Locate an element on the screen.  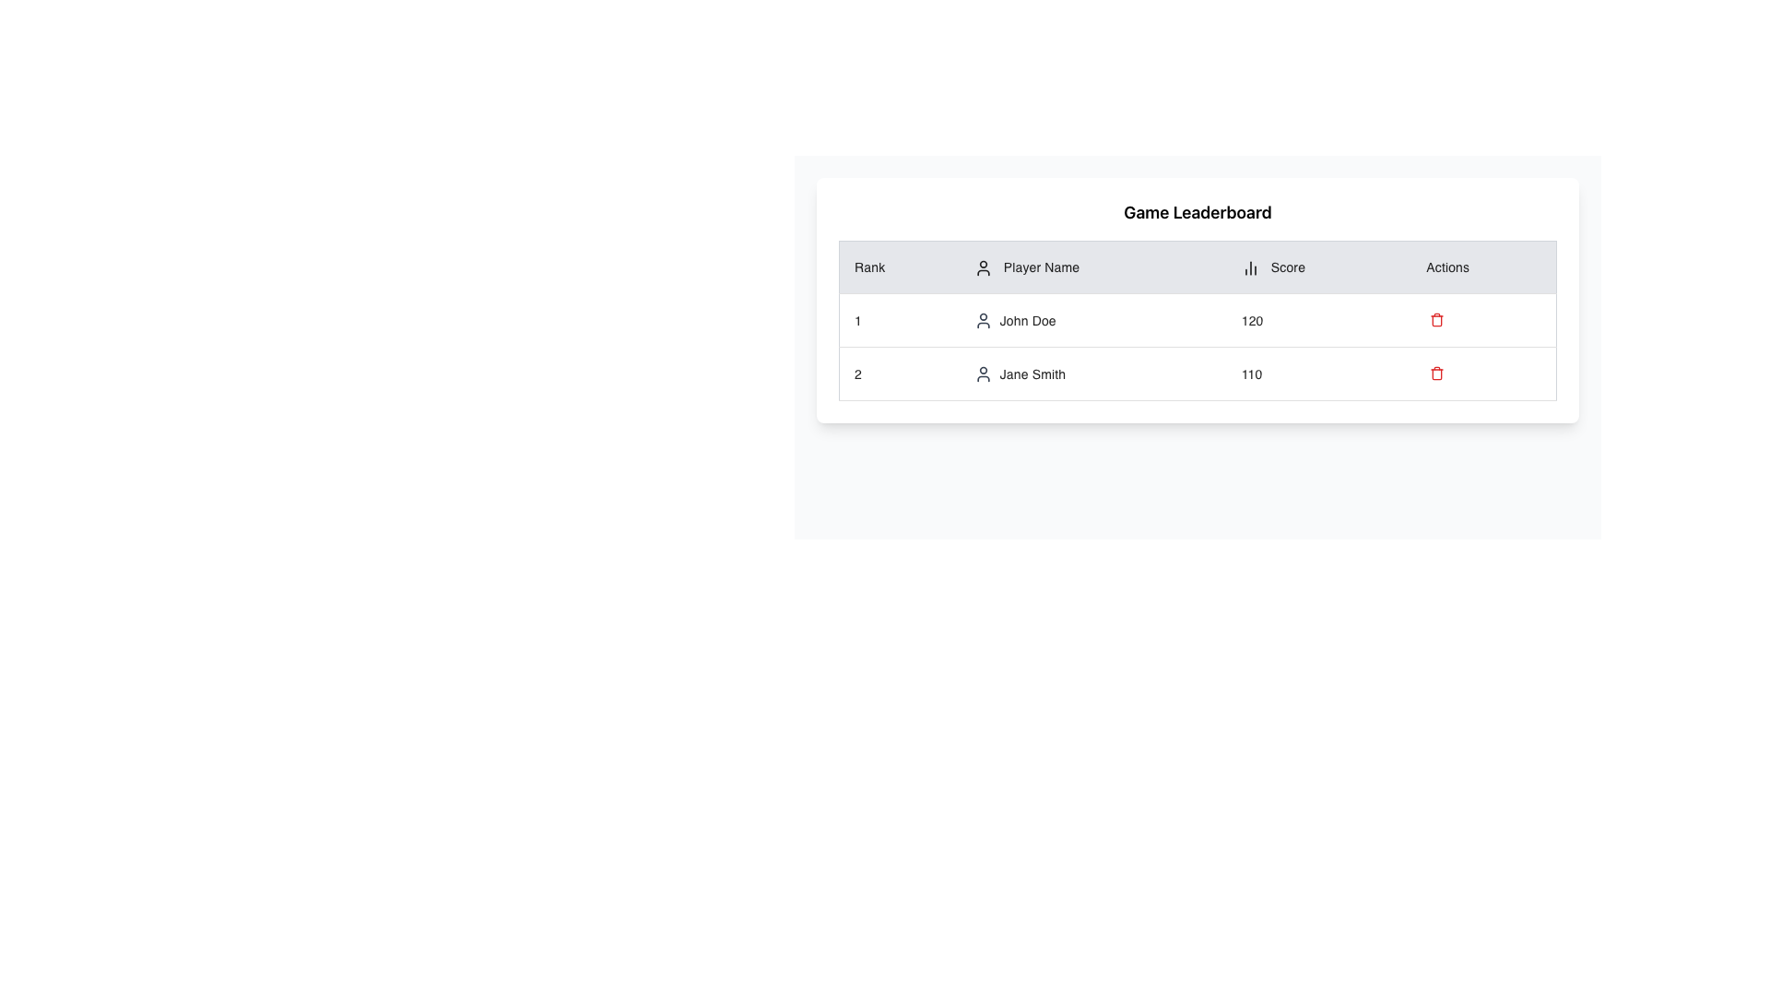
the delete icon button located in the second row of the table under the 'Actions' column in the leaderboard interface is located at coordinates (1436, 373).